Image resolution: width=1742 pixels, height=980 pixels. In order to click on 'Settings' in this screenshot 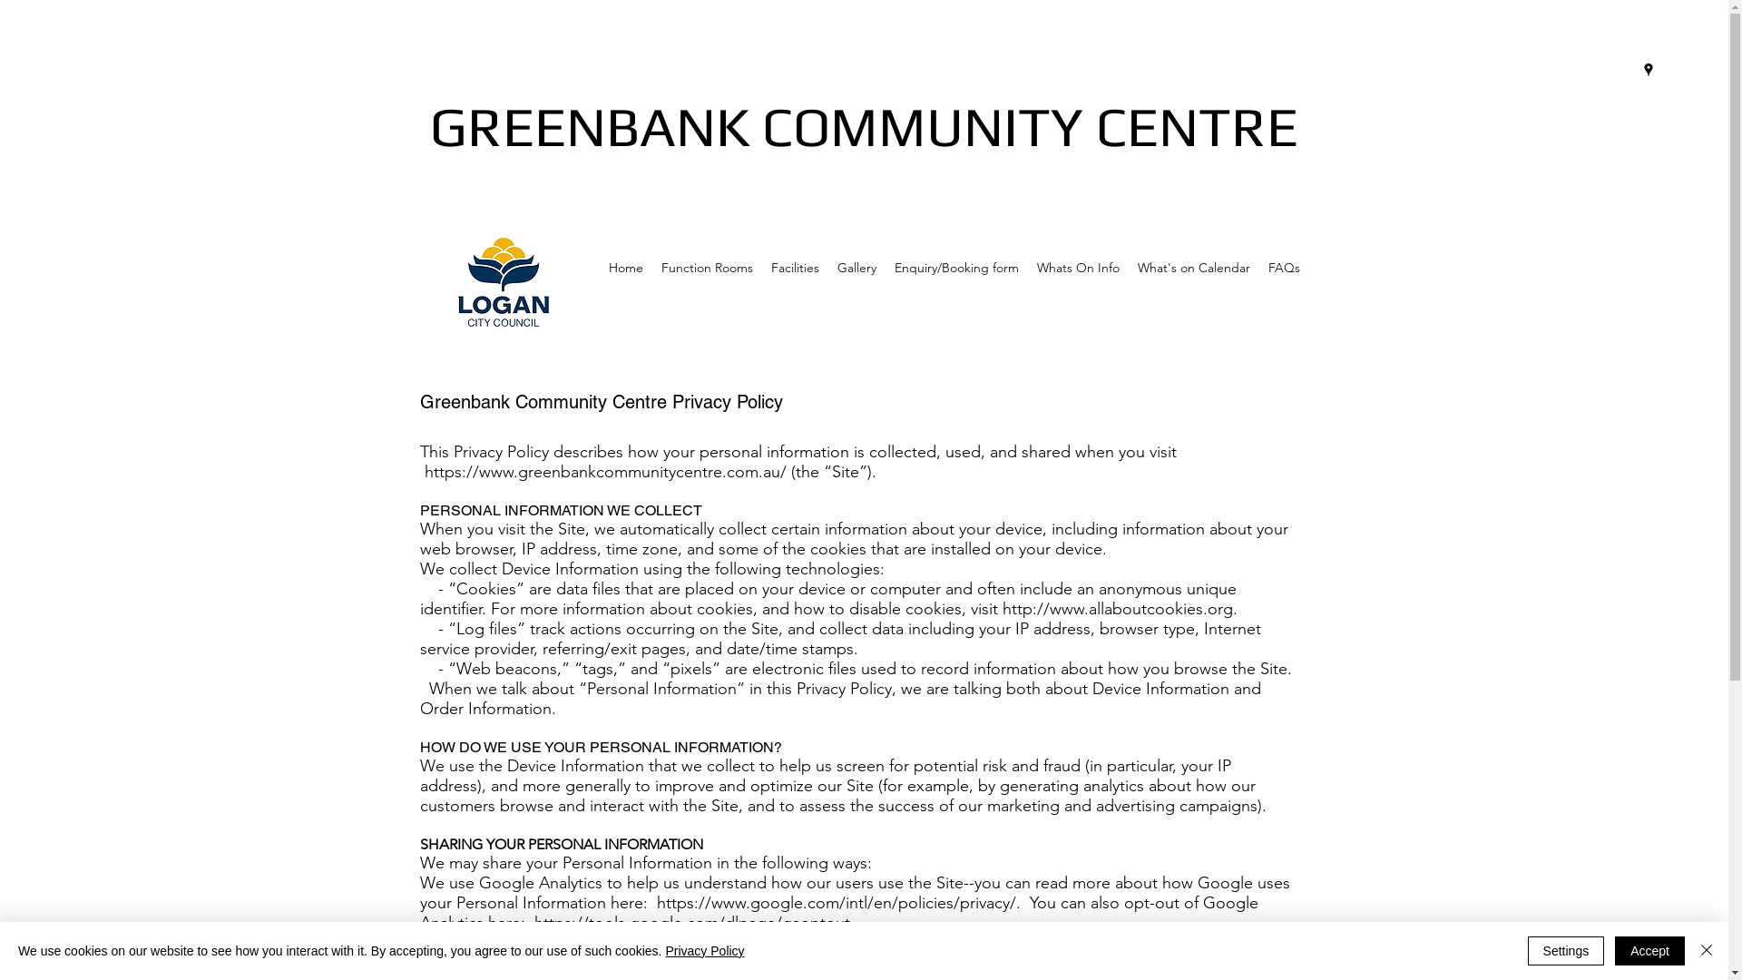, I will do `click(1527, 950)`.